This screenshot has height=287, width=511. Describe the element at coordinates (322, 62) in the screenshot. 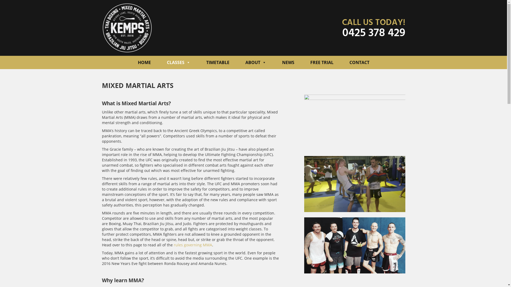

I see `'FREE TRIAL'` at that location.